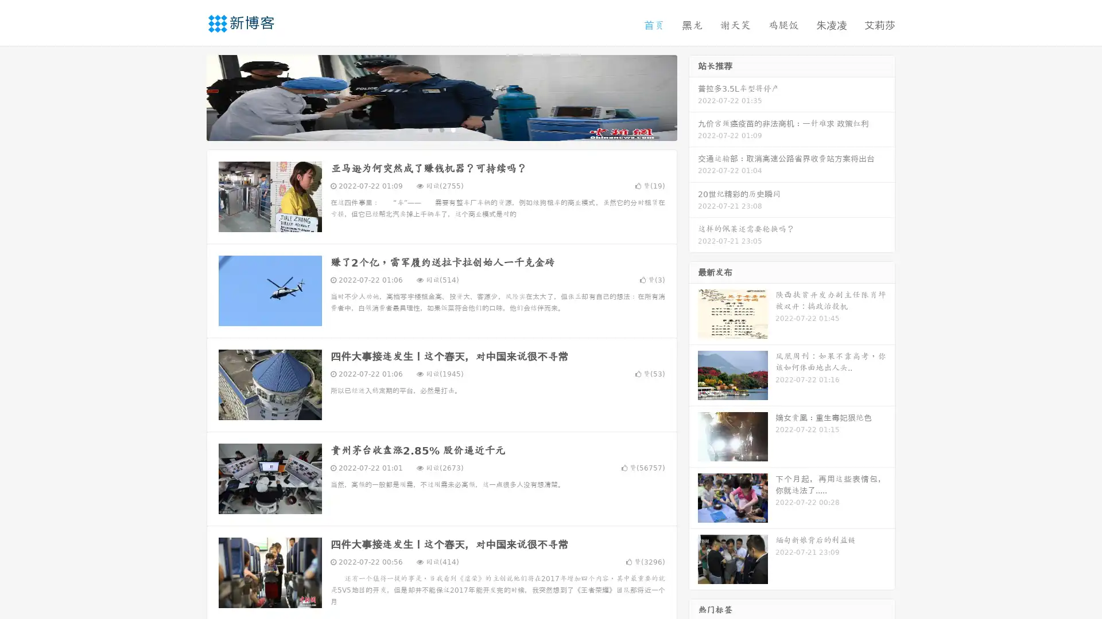 This screenshot has height=619, width=1102. What do you see at coordinates (693, 96) in the screenshot?
I see `Next slide` at bounding box center [693, 96].